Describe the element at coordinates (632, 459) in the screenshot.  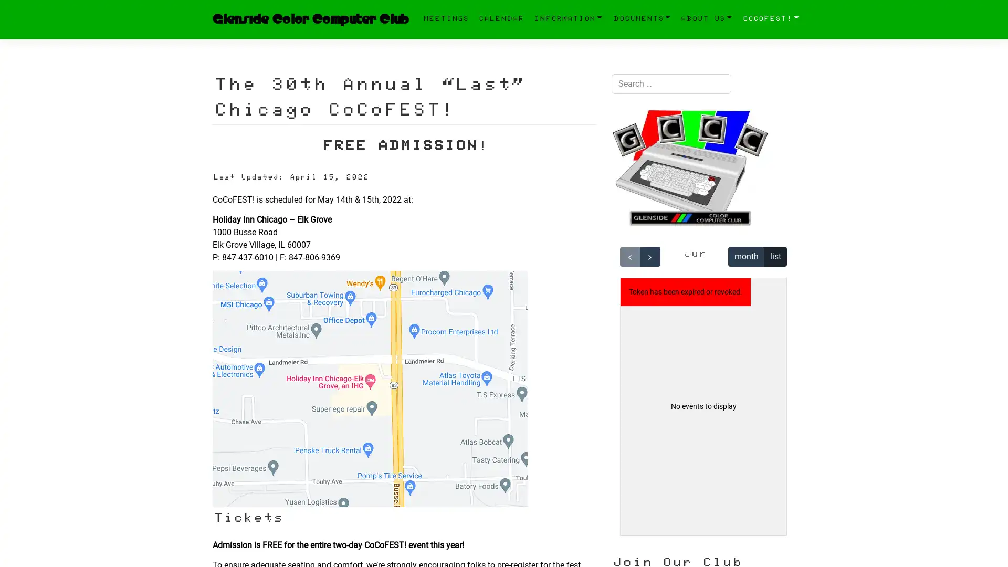
I see `Join Us` at that location.